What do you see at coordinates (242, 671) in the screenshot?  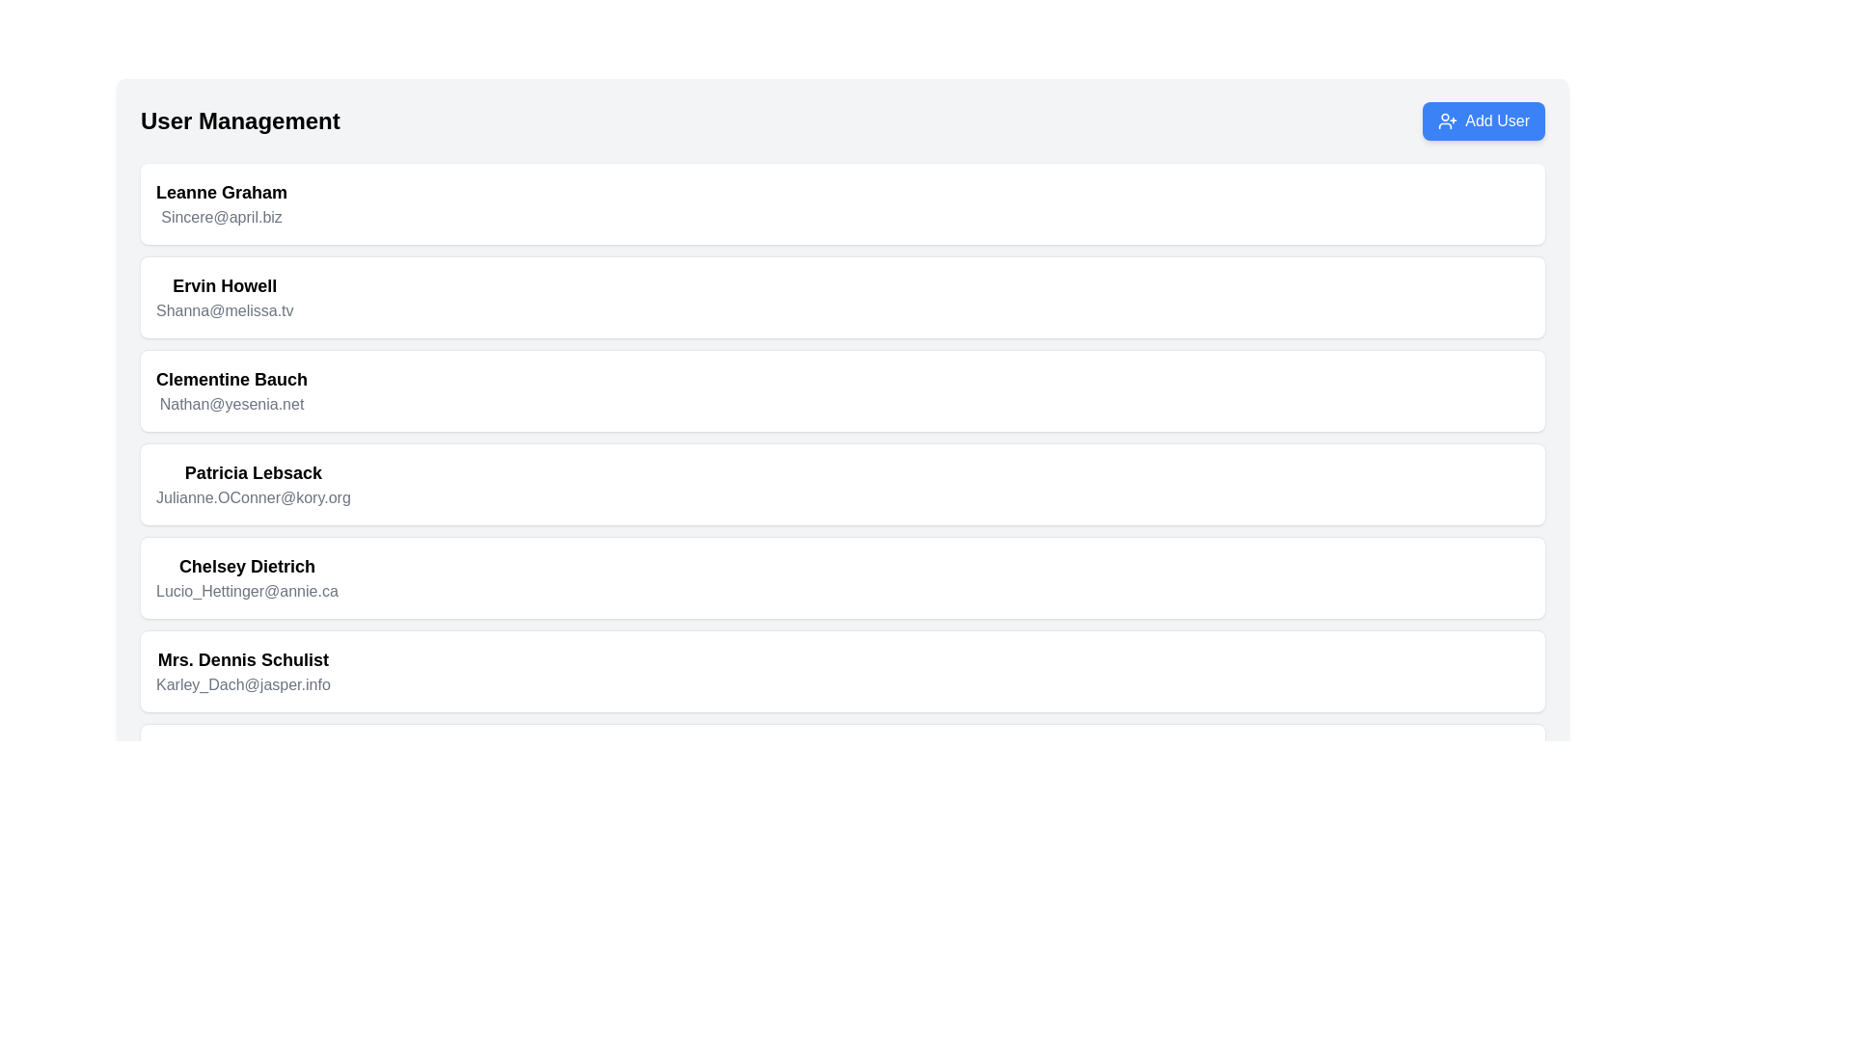 I see `the text content display containing 'Mrs. Dennis Schulist' and 'Karley_Dach@jasper.info'` at bounding box center [242, 671].